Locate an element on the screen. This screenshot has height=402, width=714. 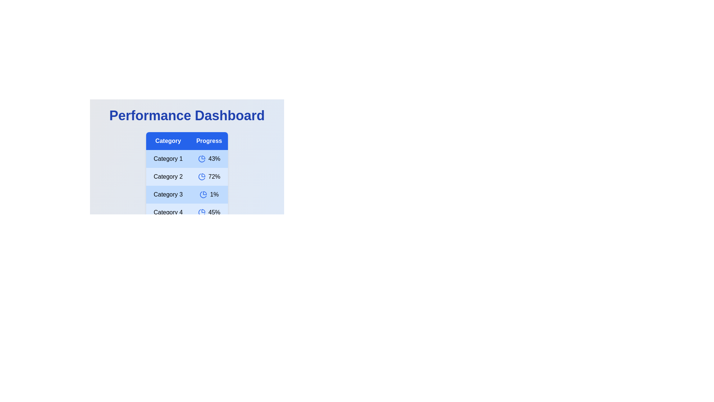
the pie chart icons for Category 4 category is located at coordinates (202, 212).